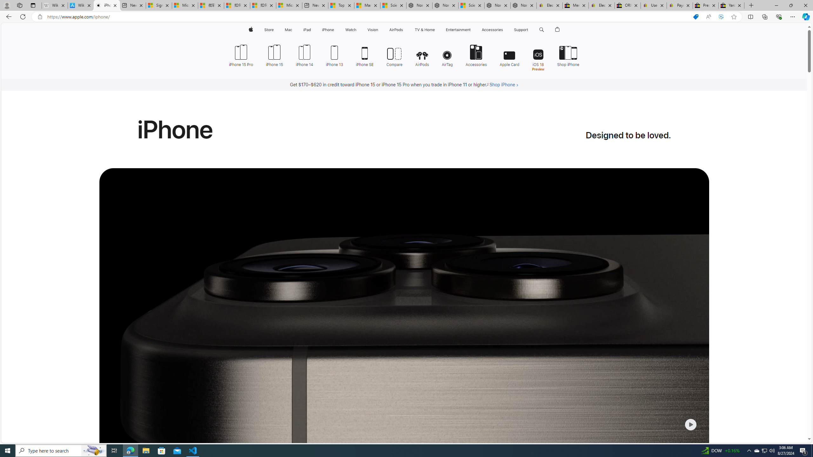  Describe the element at coordinates (436, 30) in the screenshot. I see `'TV and Home menu'` at that location.